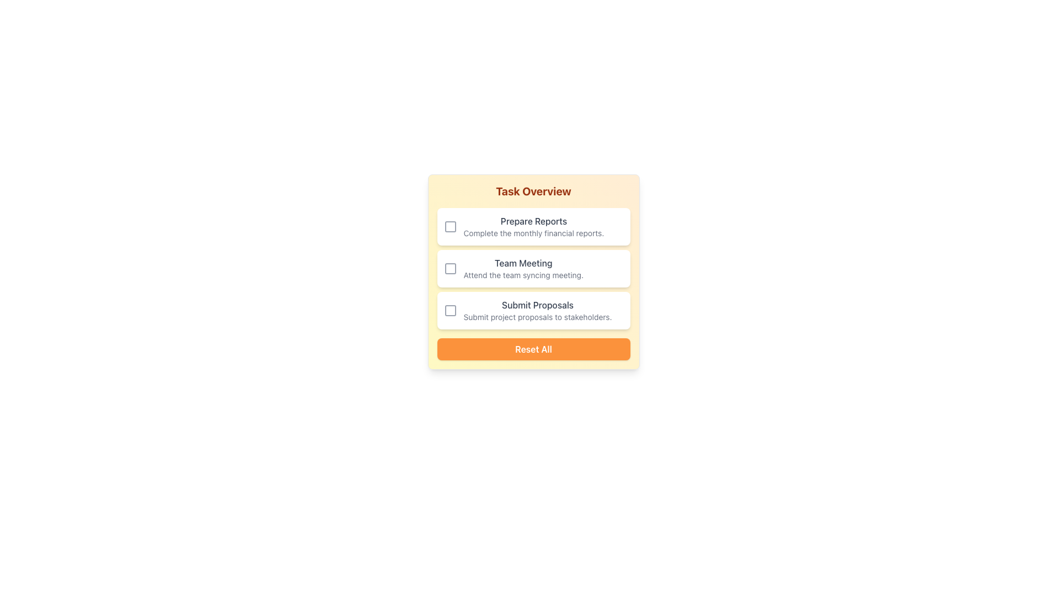 The height and width of the screenshot is (596, 1059). I want to click on the checkbox for 'Submit Proposals', so click(450, 311).